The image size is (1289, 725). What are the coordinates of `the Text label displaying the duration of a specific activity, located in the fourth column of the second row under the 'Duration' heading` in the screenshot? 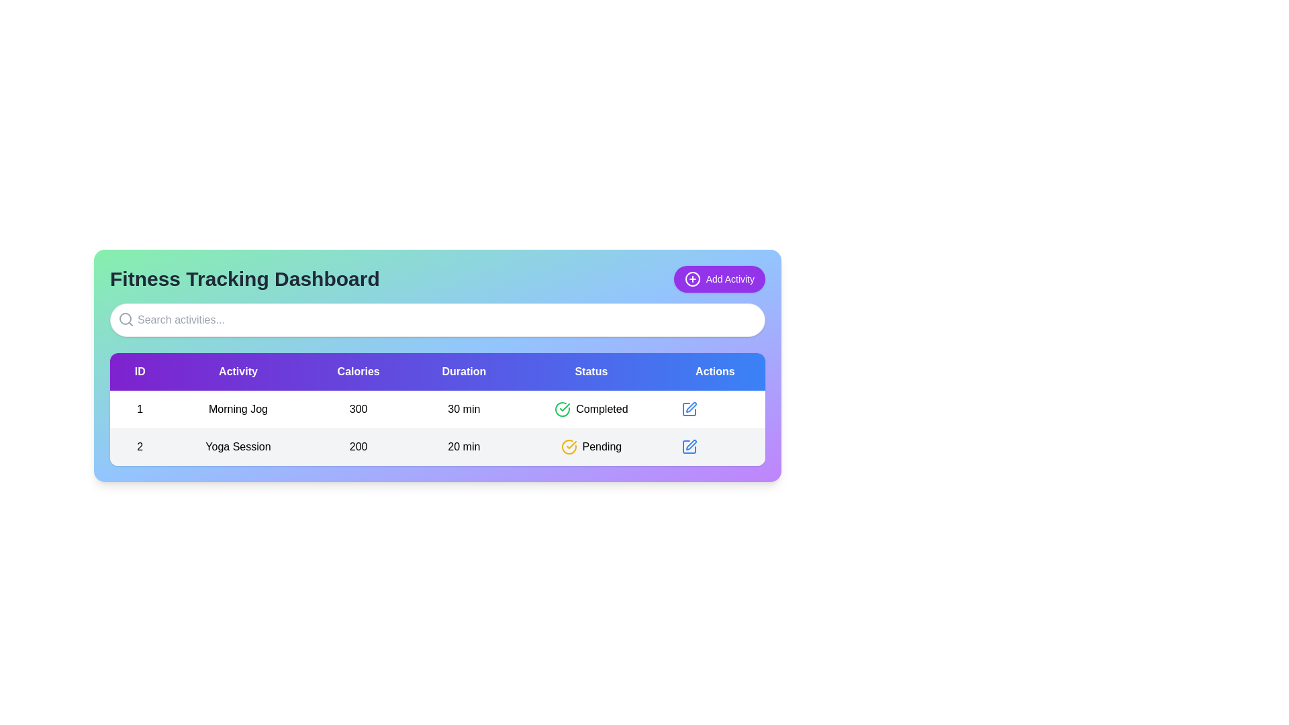 It's located at (464, 447).